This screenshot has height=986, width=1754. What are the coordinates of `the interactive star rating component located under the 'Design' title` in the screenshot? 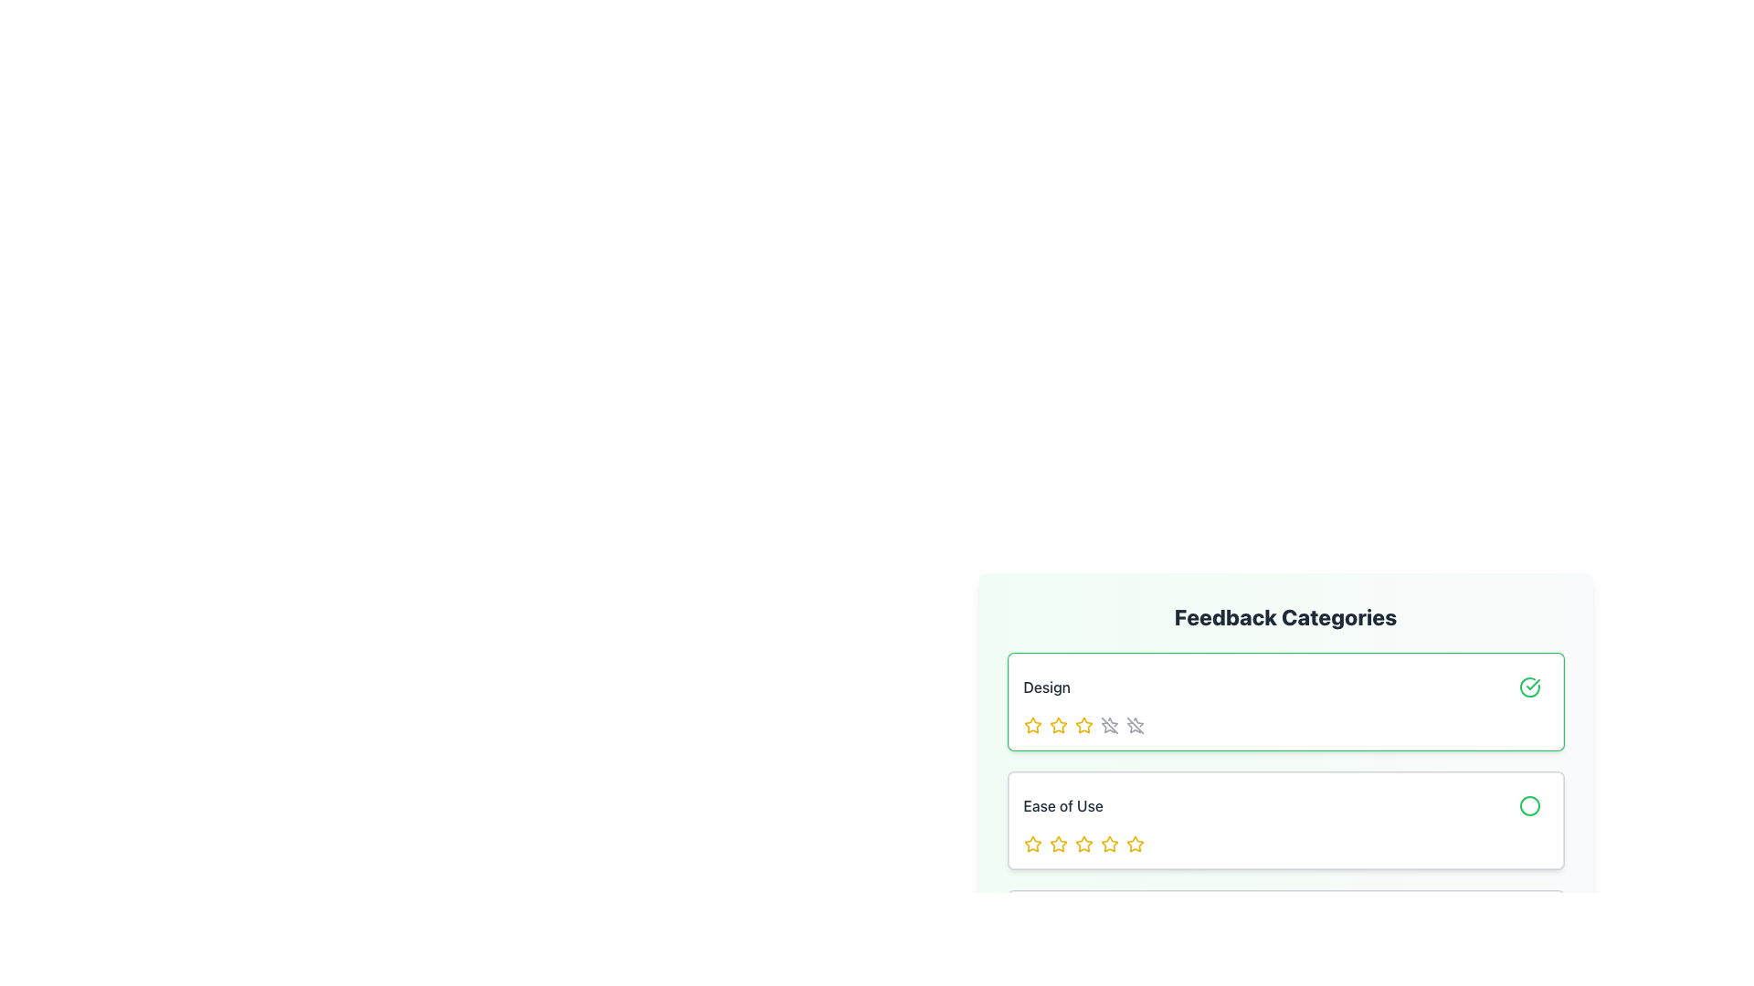 It's located at (1284, 724).